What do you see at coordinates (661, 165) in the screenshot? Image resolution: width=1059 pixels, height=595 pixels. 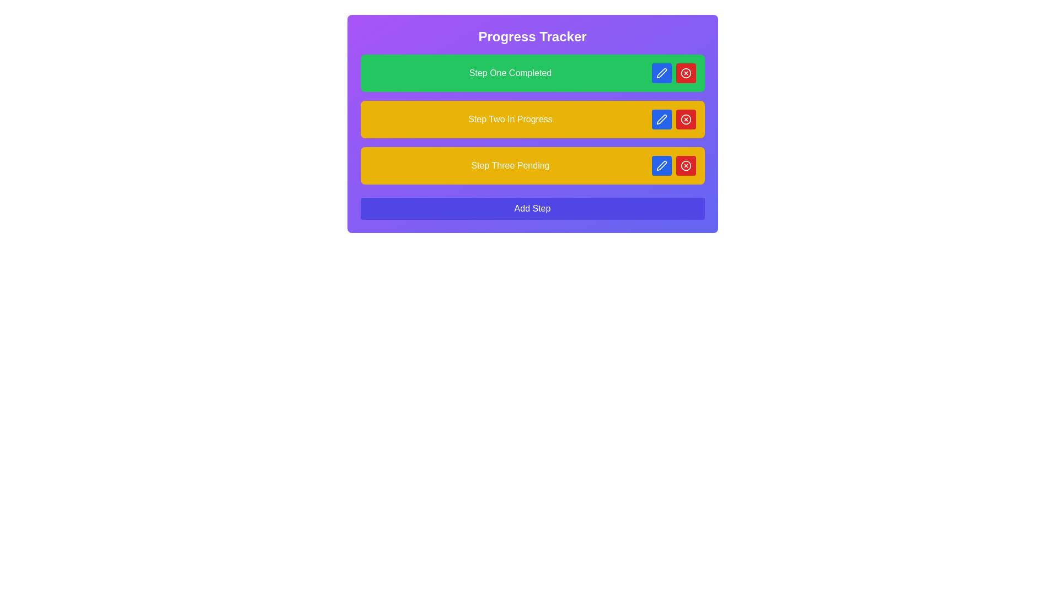 I see `the pen icon located to the left of the red delete icon in the 'Step Three Pending' section` at bounding box center [661, 165].